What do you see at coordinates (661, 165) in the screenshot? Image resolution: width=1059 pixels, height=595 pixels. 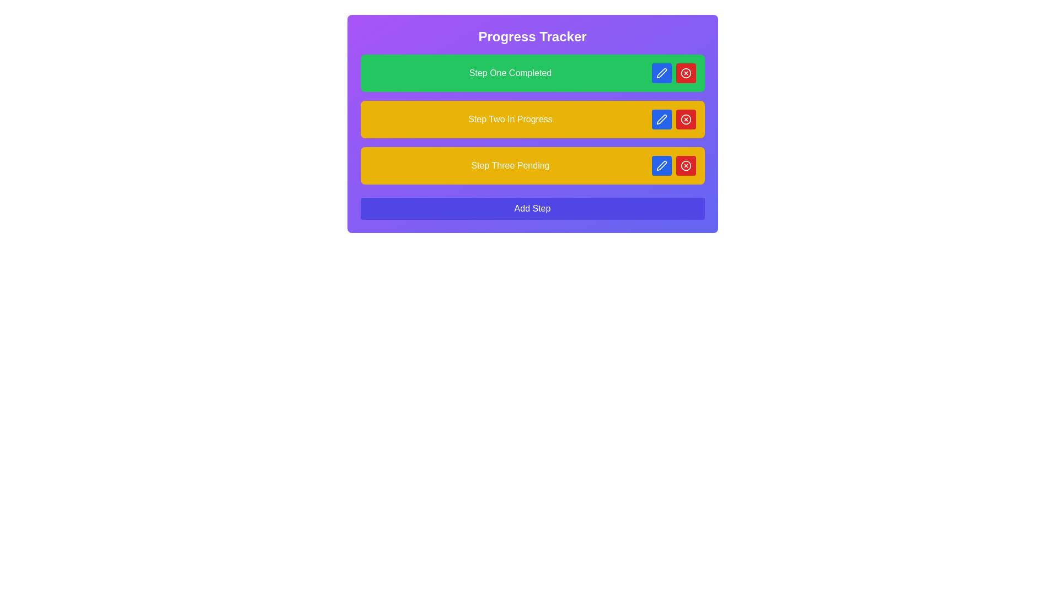 I see `the pen icon located to the left of the red delete icon in the 'Step Three Pending' section` at bounding box center [661, 165].